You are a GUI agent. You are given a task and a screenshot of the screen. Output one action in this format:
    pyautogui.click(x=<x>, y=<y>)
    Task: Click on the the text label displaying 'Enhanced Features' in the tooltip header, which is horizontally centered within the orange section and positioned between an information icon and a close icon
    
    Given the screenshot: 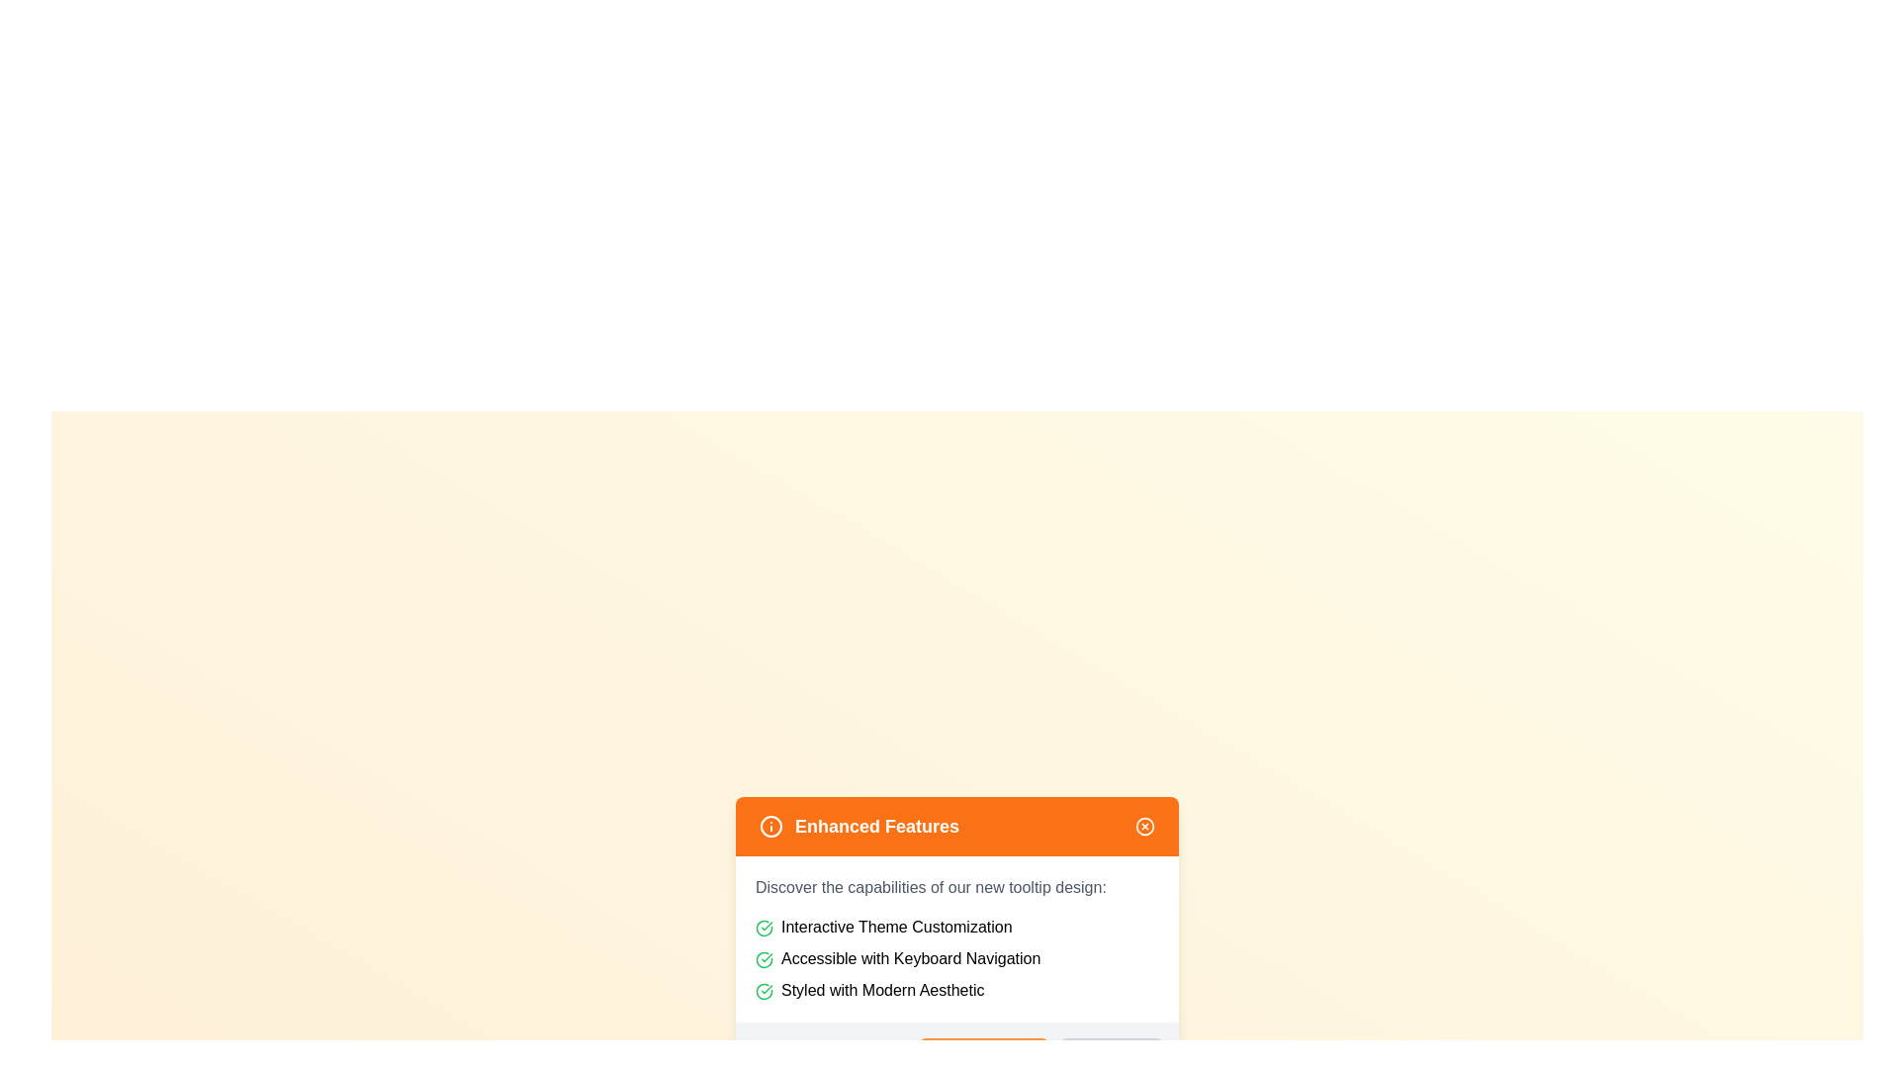 What is the action you would take?
    pyautogui.click(x=876, y=827)
    